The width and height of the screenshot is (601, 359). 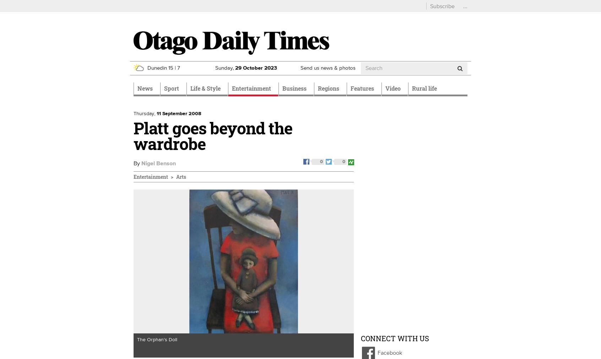 What do you see at coordinates (144, 113) in the screenshot?
I see `'Thursday,'` at bounding box center [144, 113].